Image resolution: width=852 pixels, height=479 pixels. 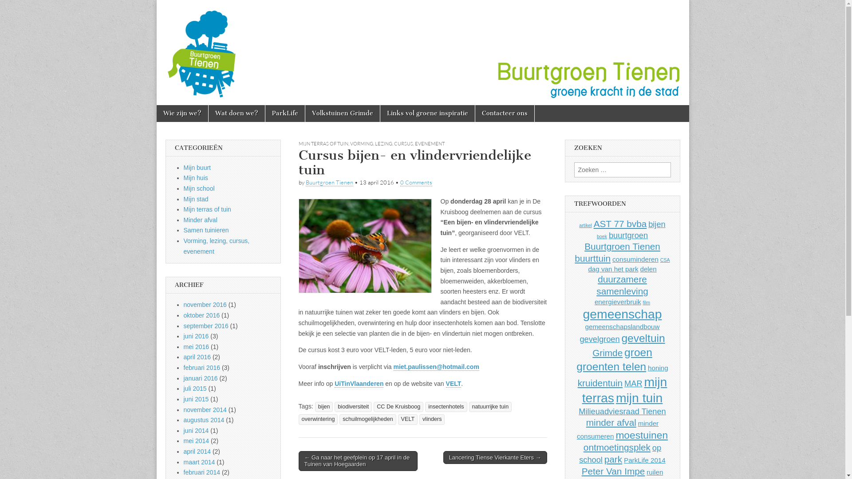 I want to click on 'januari 2016', so click(x=200, y=378).